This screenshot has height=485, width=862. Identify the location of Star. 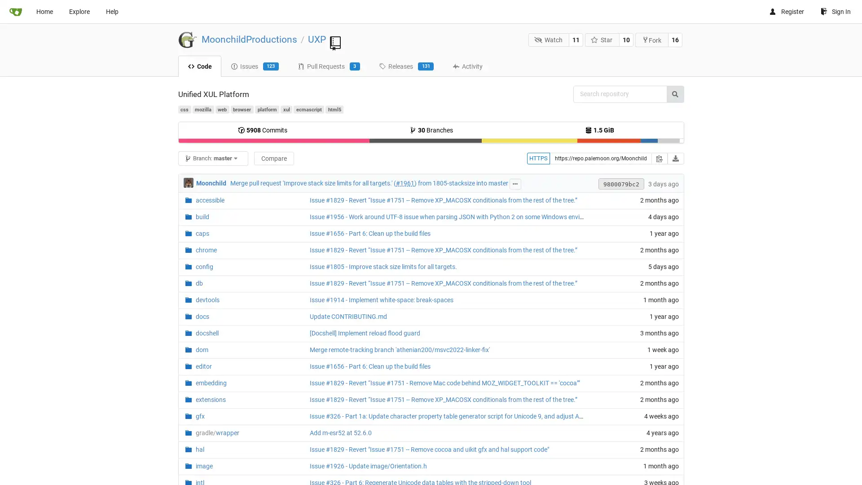
(602, 39).